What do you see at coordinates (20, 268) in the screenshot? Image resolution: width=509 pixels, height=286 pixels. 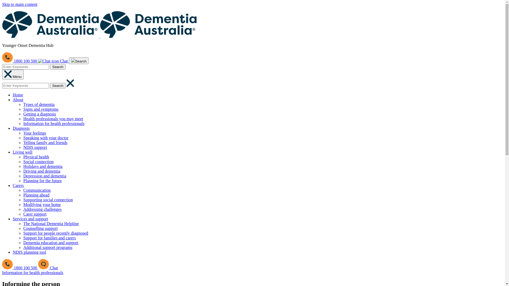 I see `'1800 100 500'` at bounding box center [20, 268].